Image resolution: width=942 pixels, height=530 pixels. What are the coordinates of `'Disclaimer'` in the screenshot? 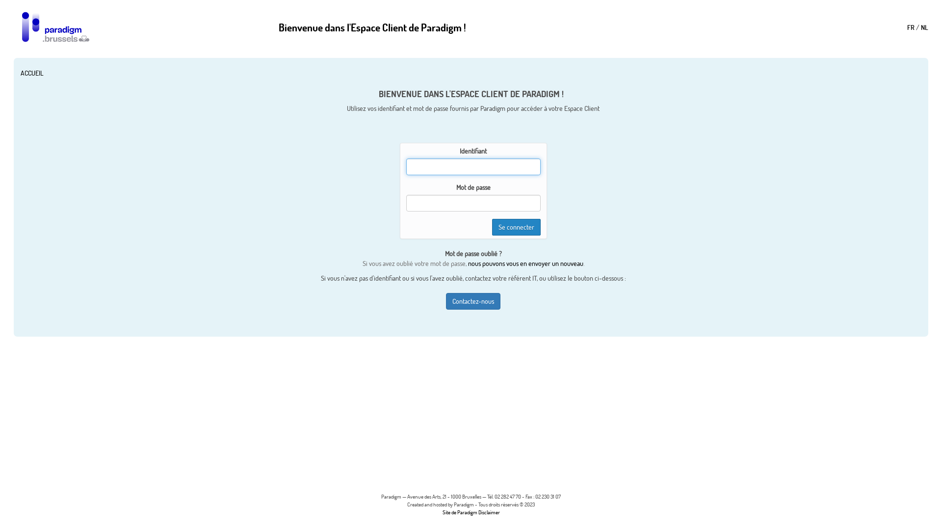 It's located at (489, 512).